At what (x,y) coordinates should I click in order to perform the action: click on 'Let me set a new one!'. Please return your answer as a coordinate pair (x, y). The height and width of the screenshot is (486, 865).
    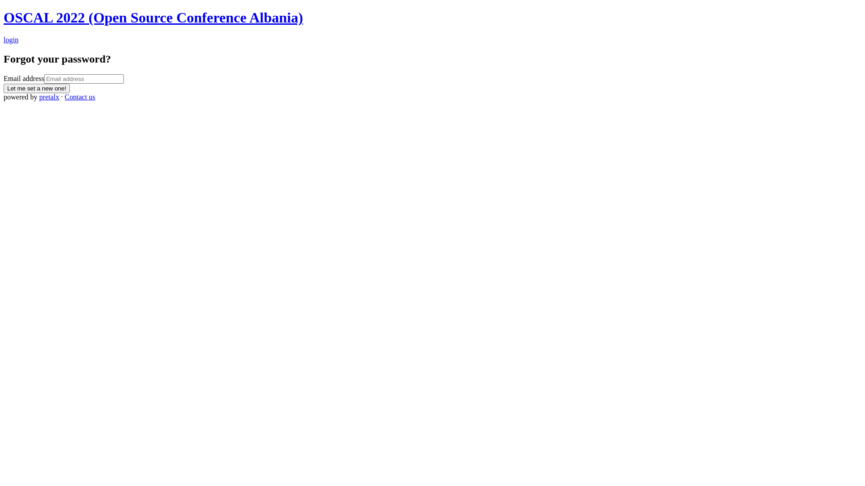
    Looking at the image, I should click on (36, 88).